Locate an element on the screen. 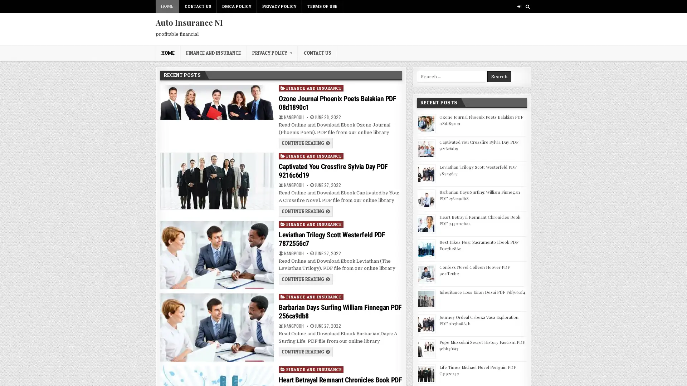 This screenshot has height=386, width=687. Search is located at coordinates (499, 76).